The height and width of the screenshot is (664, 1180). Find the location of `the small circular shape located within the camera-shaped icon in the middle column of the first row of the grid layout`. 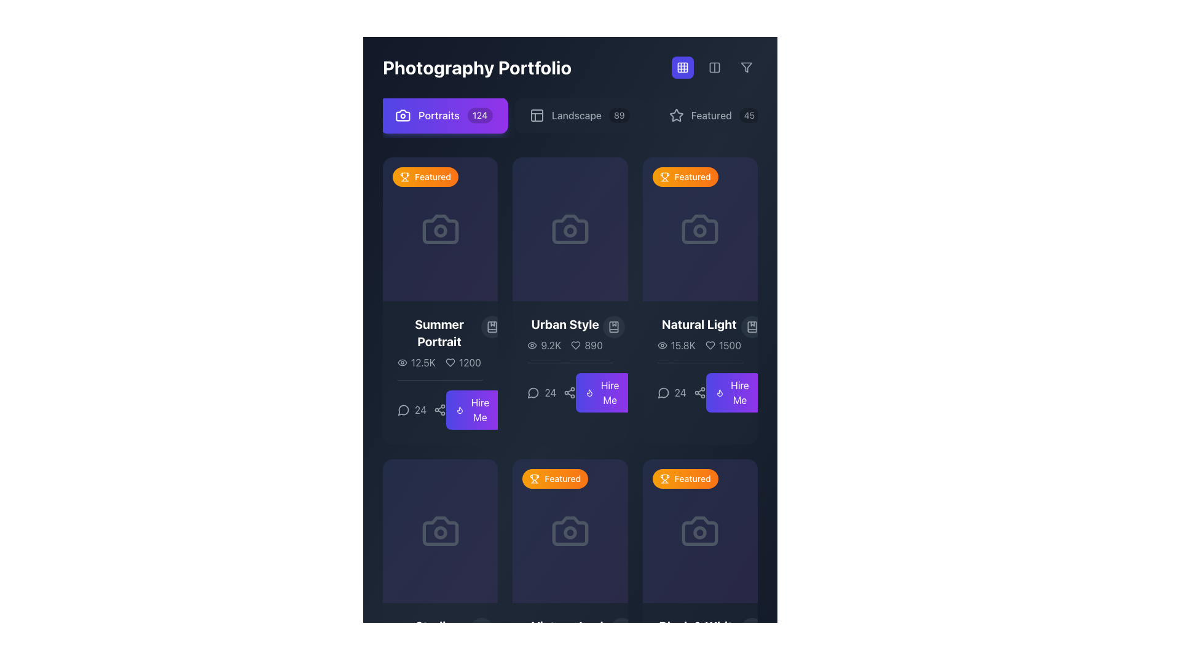

the small circular shape located within the camera-shaped icon in the middle column of the first row of the grid layout is located at coordinates (569, 231).